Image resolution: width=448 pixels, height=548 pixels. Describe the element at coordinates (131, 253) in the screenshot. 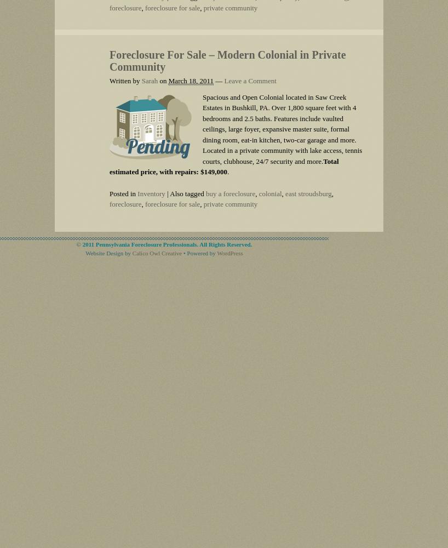

I see `'Calico Owl Creative'` at that location.